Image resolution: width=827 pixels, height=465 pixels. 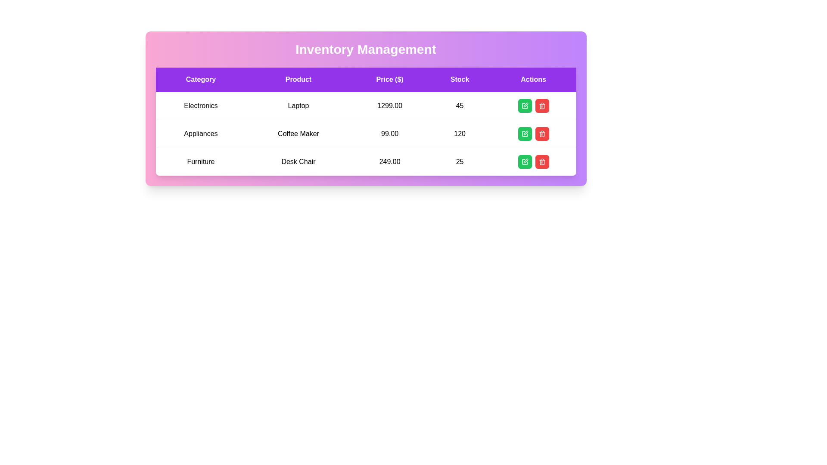 What do you see at coordinates (524, 105) in the screenshot?
I see `the green edit button with a white pen icon located in the 'Actions' column of the first row in the table` at bounding box center [524, 105].